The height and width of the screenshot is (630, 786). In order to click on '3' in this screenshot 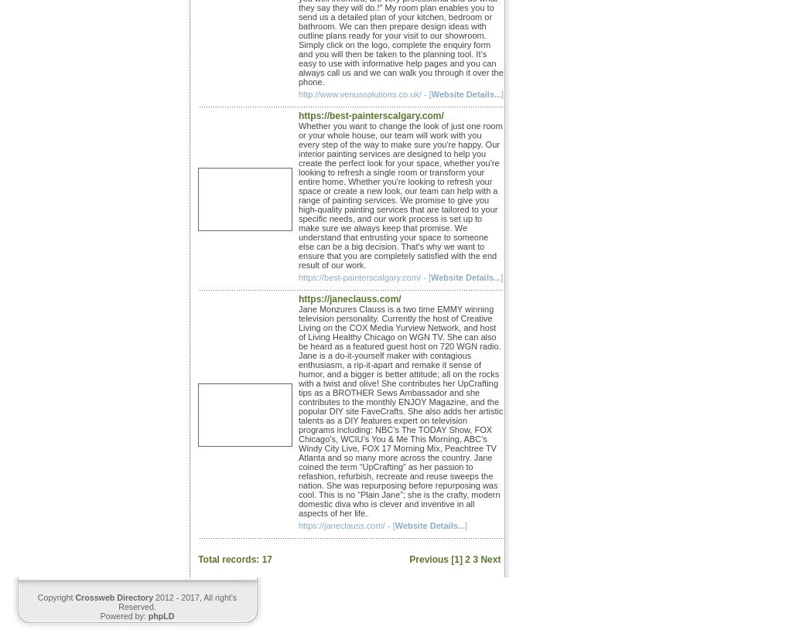, I will do `click(475, 559)`.